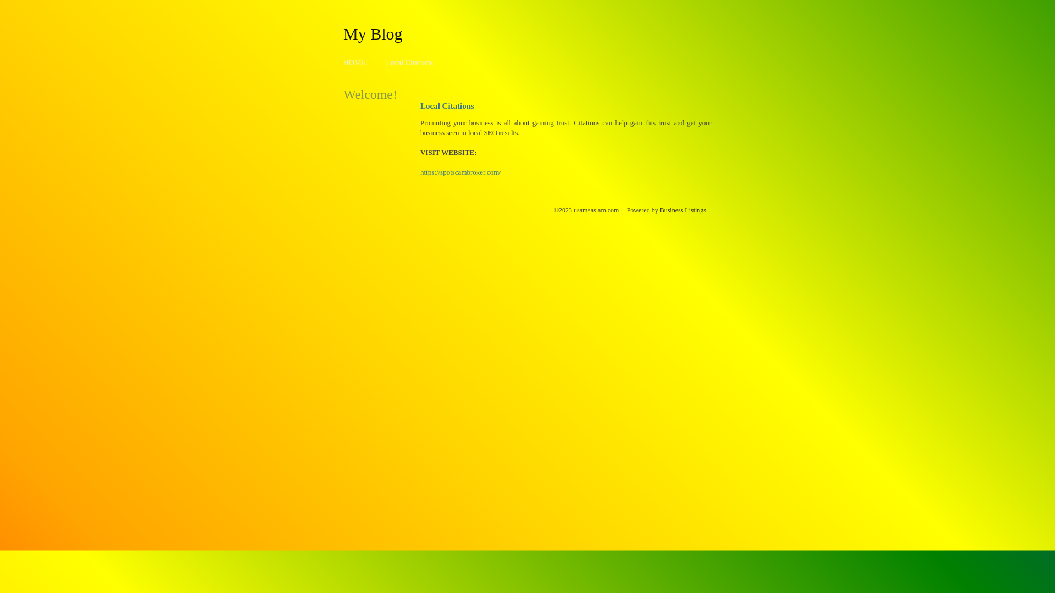 Image resolution: width=1055 pixels, height=593 pixels. What do you see at coordinates (354, 63) in the screenshot?
I see `'HOME'` at bounding box center [354, 63].